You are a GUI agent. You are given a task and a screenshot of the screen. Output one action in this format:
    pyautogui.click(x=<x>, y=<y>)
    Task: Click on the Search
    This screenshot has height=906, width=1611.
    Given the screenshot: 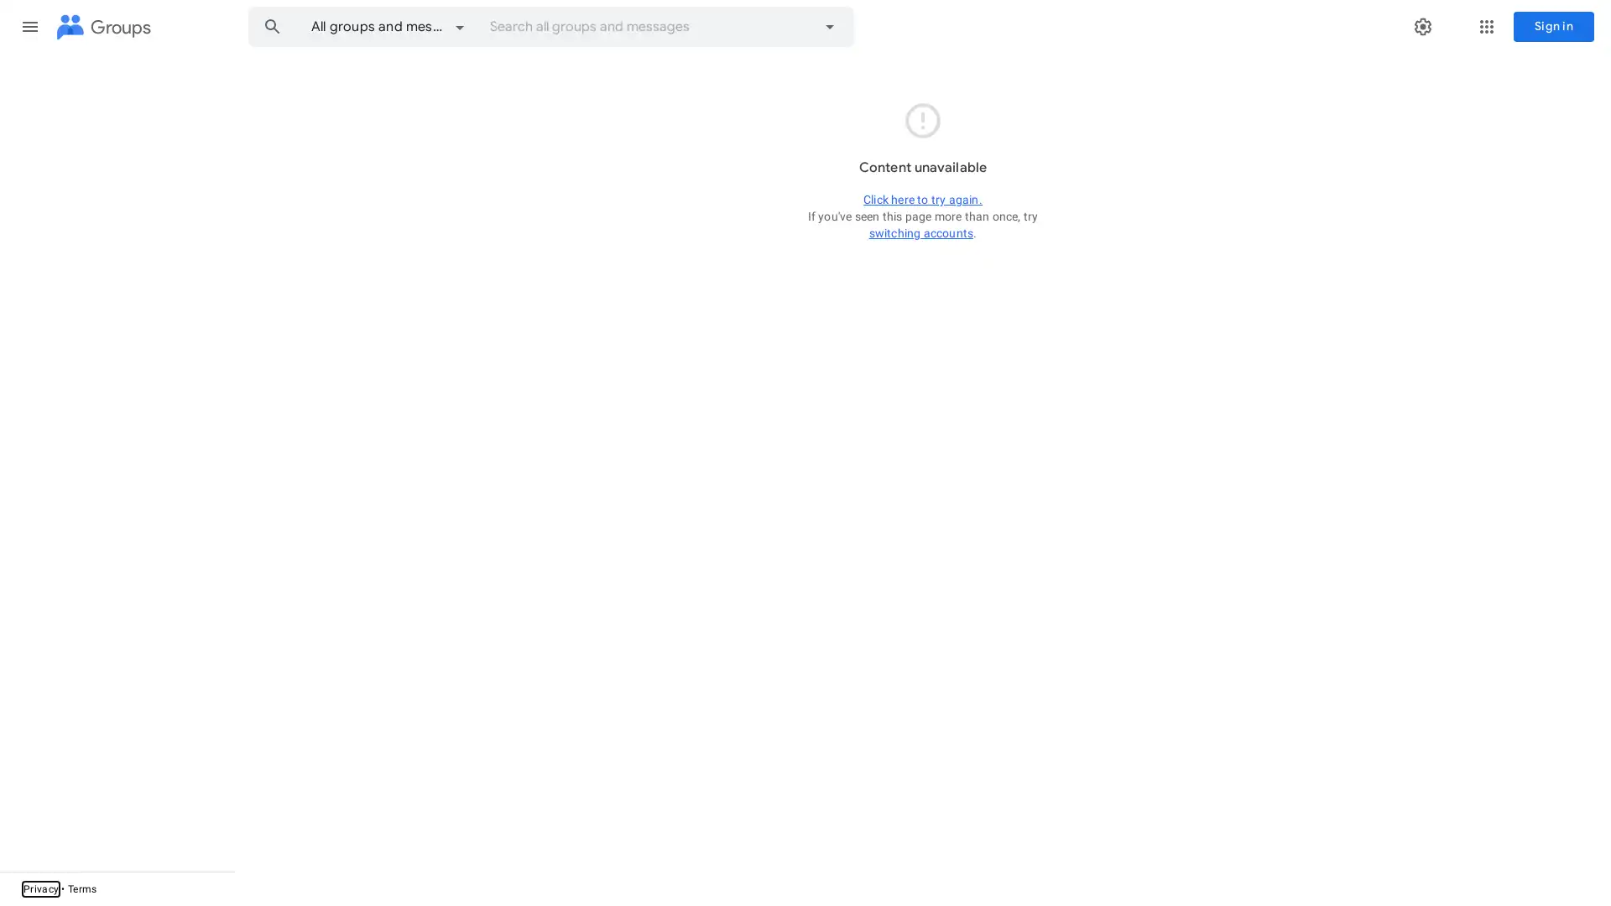 What is the action you would take?
    pyautogui.click(x=273, y=26)
    